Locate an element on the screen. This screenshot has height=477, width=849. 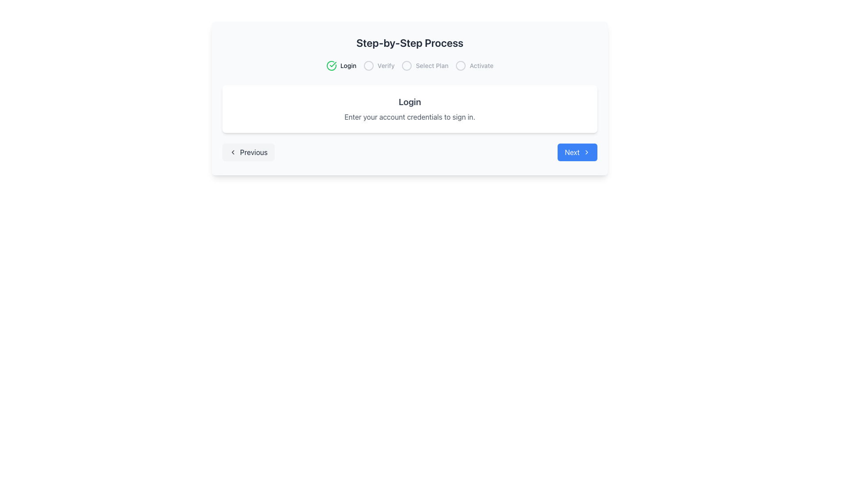
the 'Login' step indicator, which includes a green checkmark icon and signifies the completion of this step in the multi-step process is located at coordinates (340, 65).